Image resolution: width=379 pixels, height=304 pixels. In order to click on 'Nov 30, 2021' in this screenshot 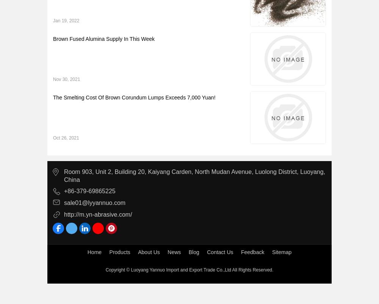, I will do `click(66, 79)`.